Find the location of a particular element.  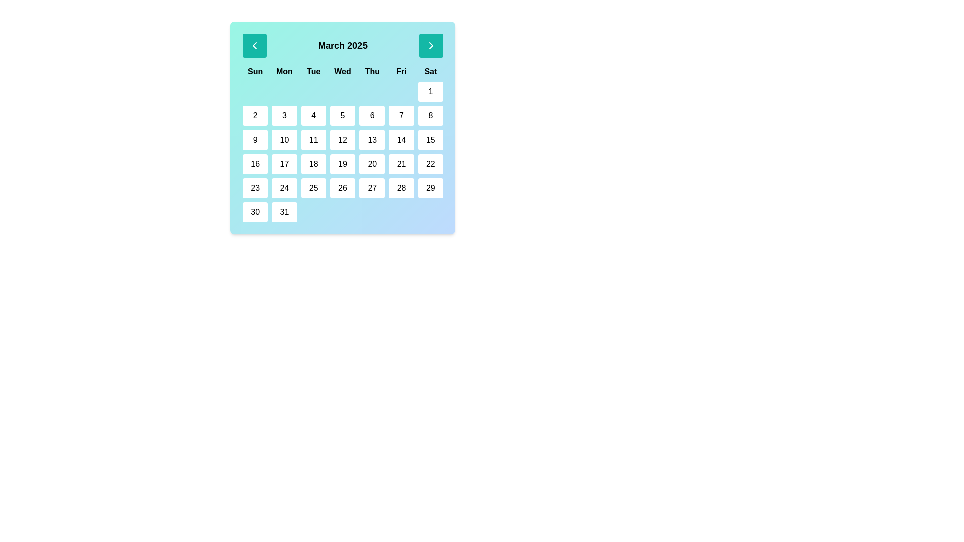

the chevron-right icon integrated within the button in the upper-right corner of the calendar interface is located at coordinates (431, 46).